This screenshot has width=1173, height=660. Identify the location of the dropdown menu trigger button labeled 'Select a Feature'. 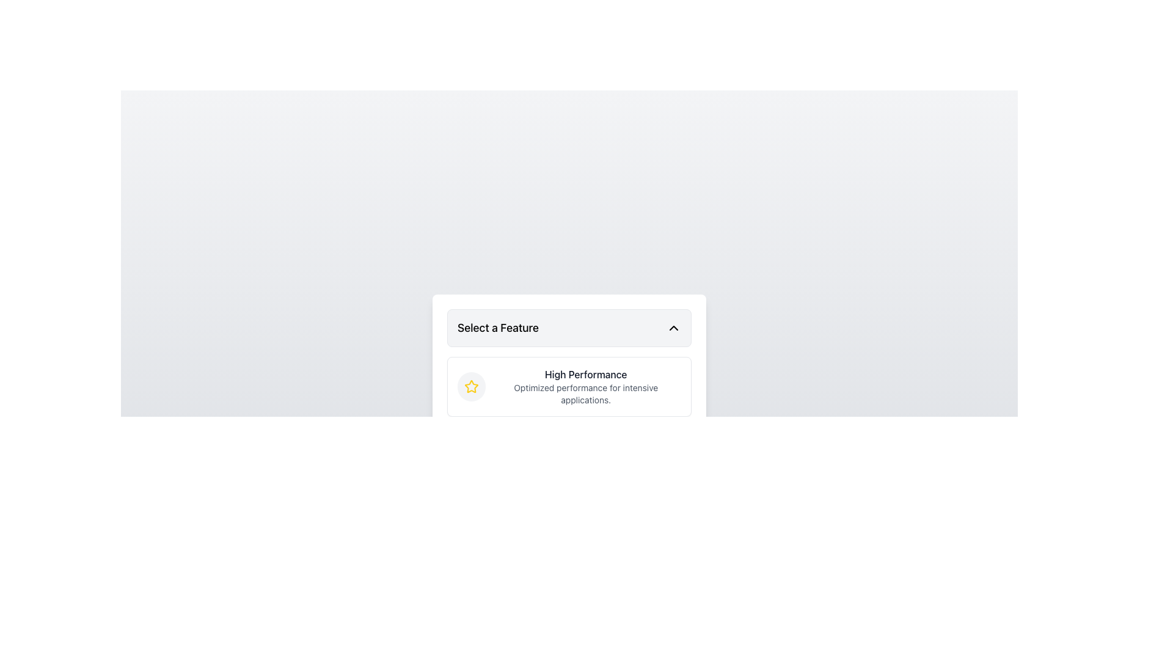
(568, 327).